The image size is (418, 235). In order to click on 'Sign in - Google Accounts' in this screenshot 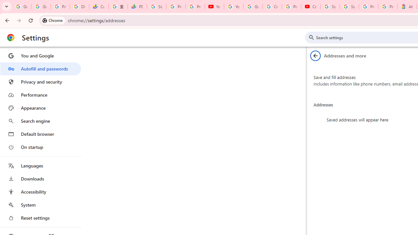, I will do `click(330, 7)`.